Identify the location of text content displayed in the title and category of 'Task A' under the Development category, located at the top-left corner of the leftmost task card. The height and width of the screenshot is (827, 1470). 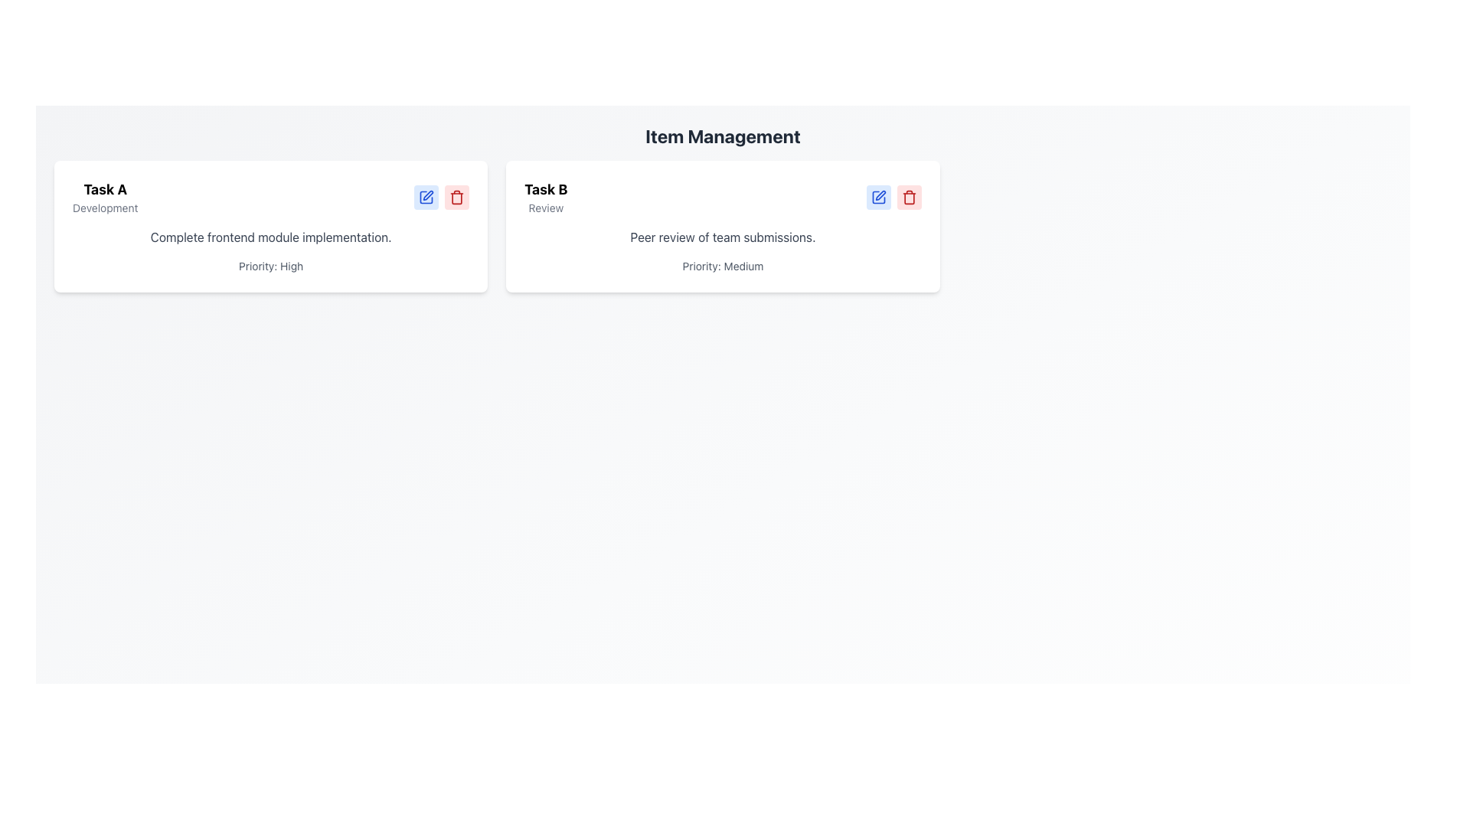
(104, 197).